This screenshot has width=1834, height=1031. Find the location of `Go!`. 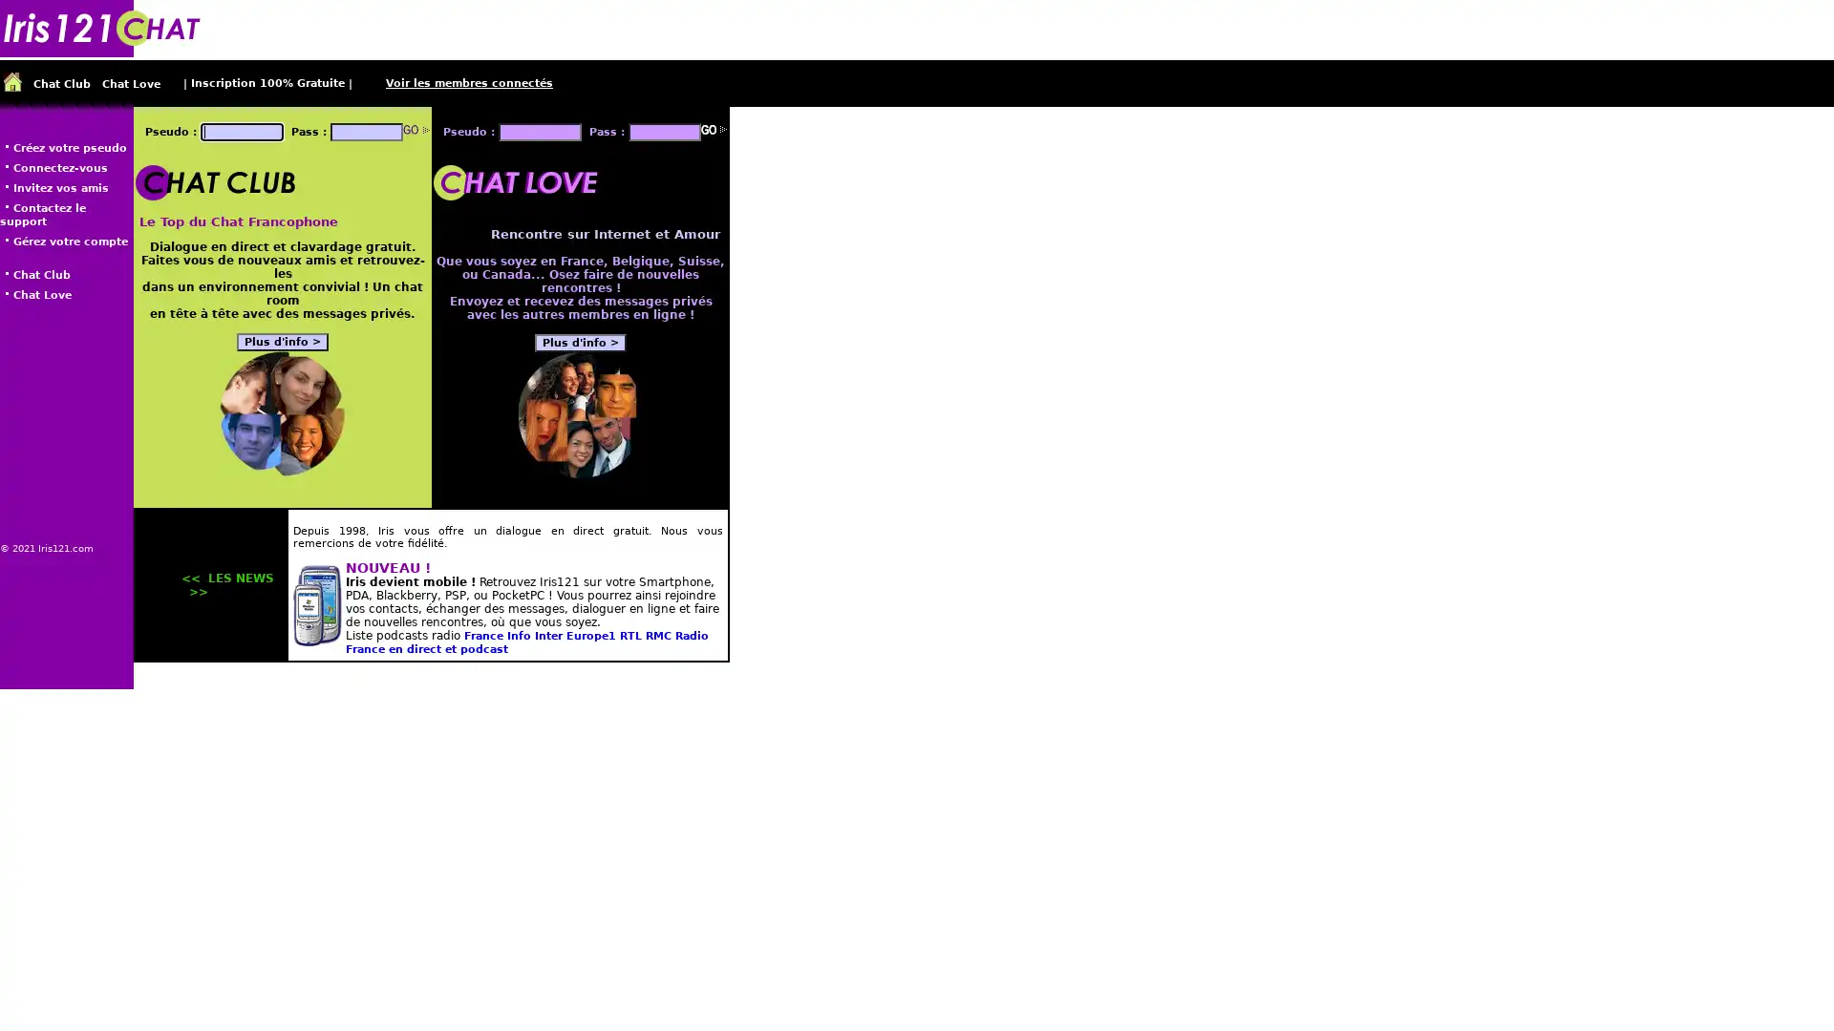

Go! is located at coordinates (714, 130).